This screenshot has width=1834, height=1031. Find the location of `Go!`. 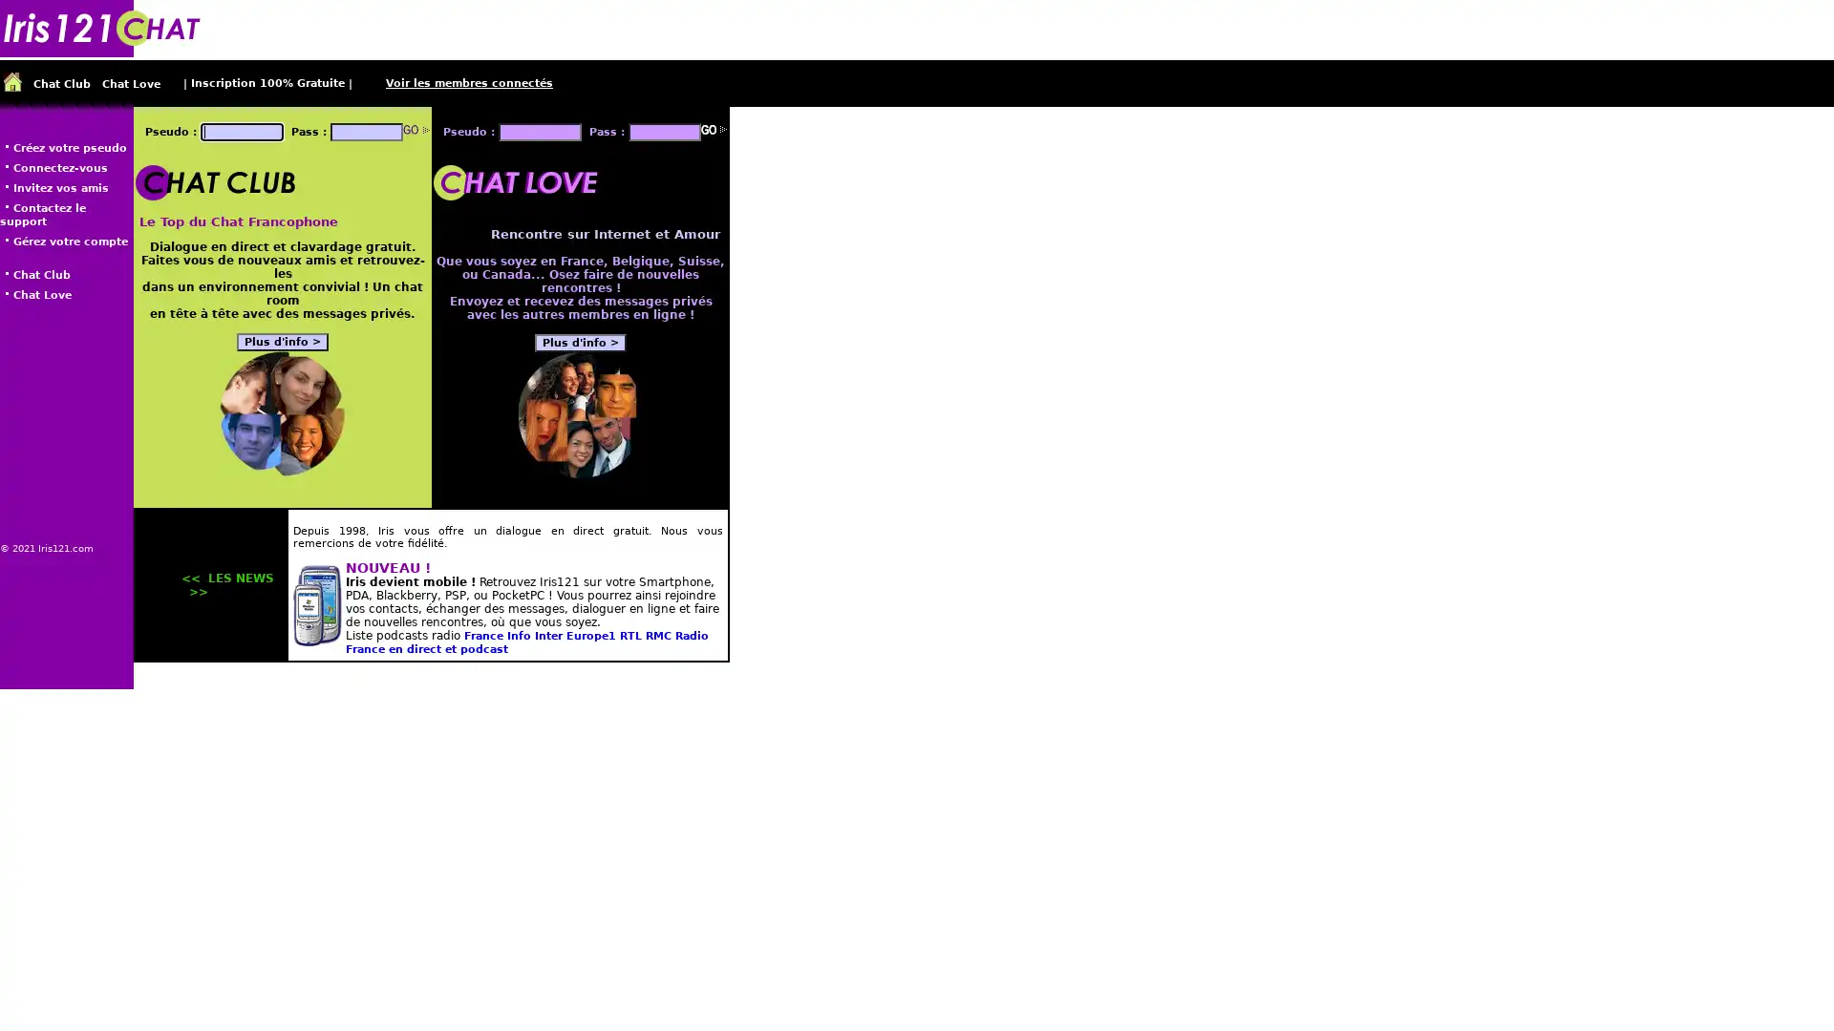

Go! is located at coordinates (714, 130).